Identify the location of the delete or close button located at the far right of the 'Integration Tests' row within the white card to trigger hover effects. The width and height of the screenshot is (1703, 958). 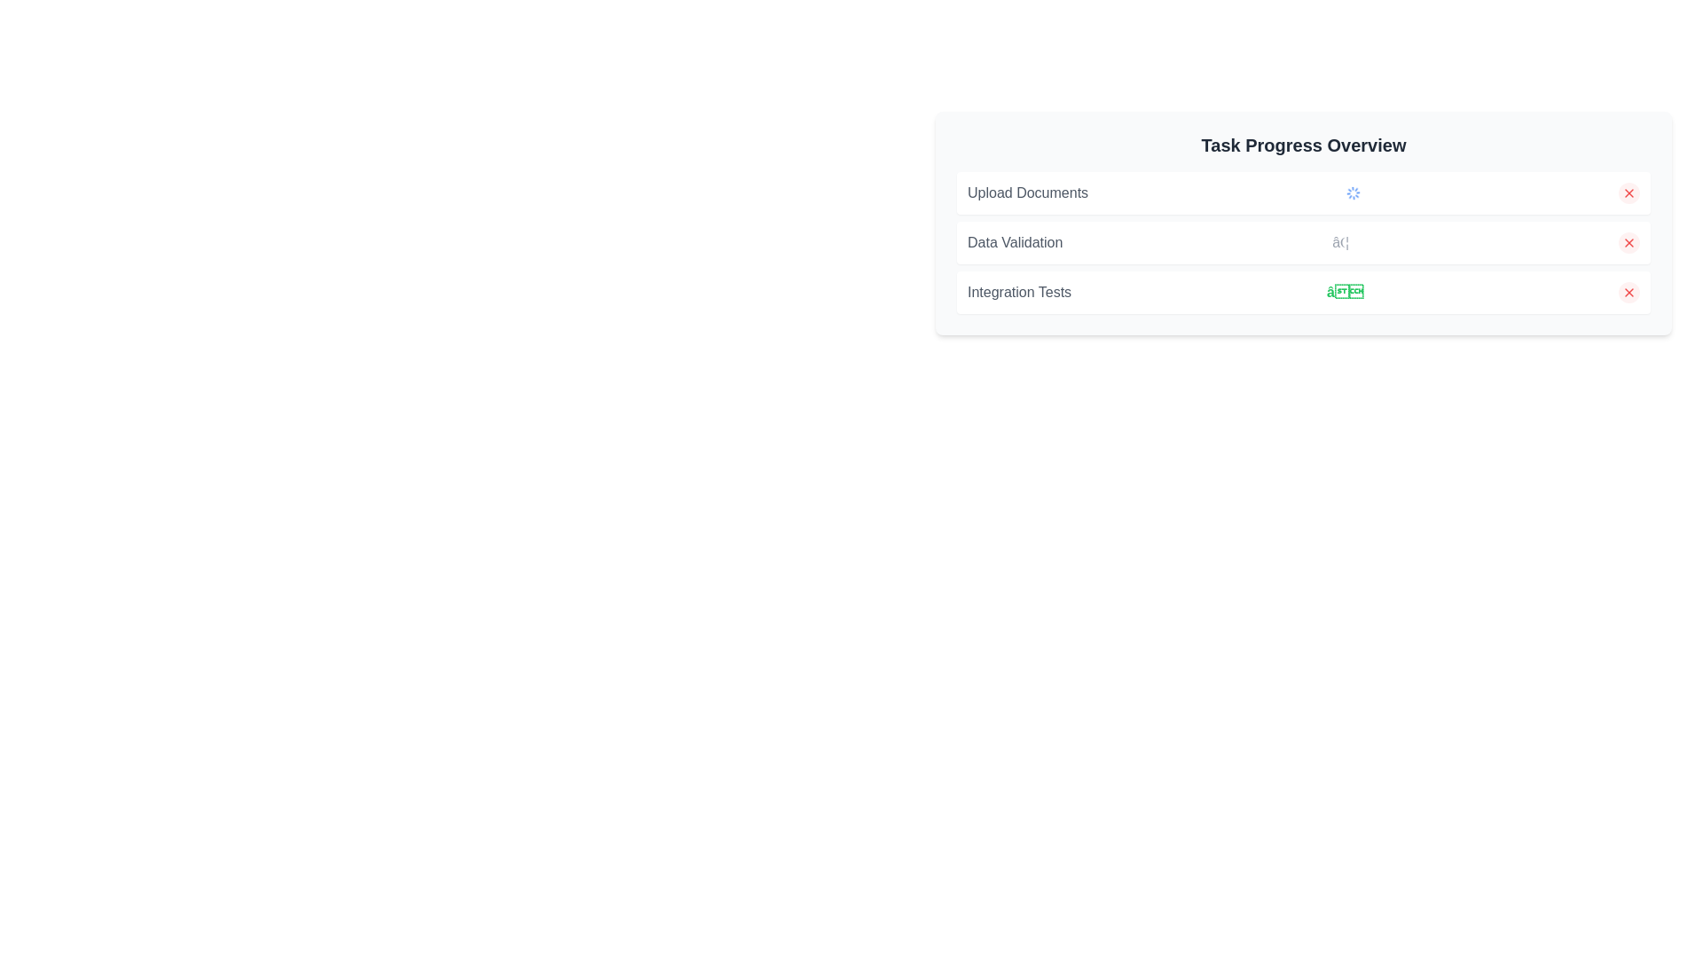
(1629, 292).